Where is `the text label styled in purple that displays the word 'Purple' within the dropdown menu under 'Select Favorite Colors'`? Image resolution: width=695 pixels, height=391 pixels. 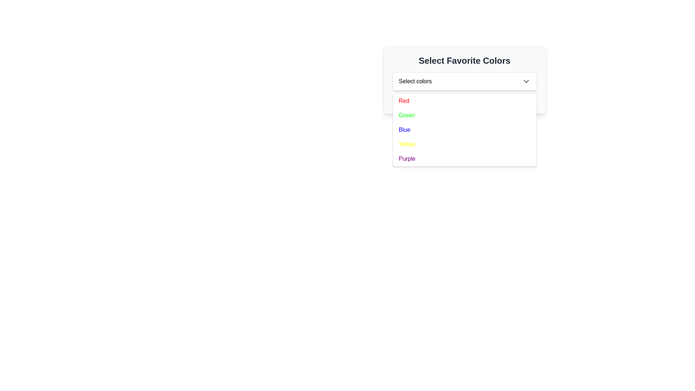 the text label styled in purple that displays the word 'Purple' within the dropdown menu under 'Select Favorite Colors' is located at coordinates (407, 159).